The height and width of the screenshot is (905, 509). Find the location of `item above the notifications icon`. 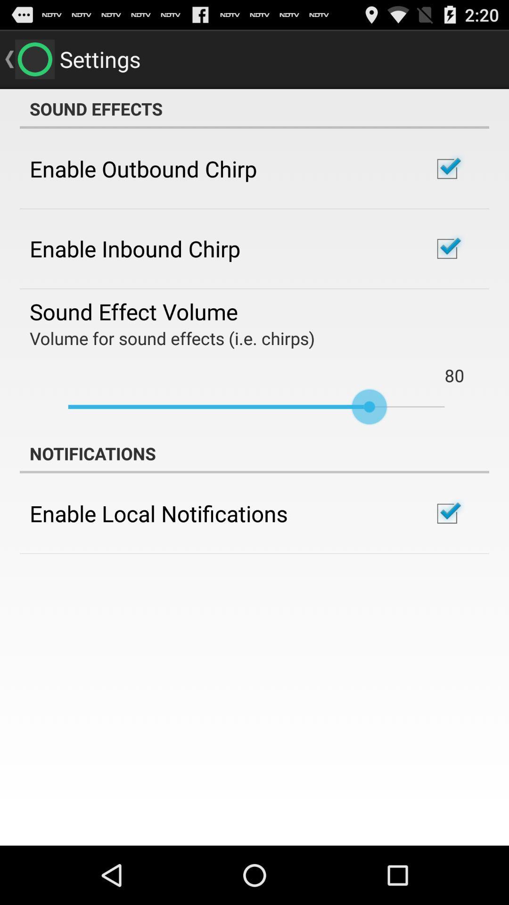

item above the notifications icon is located at coordinates (256, 407).